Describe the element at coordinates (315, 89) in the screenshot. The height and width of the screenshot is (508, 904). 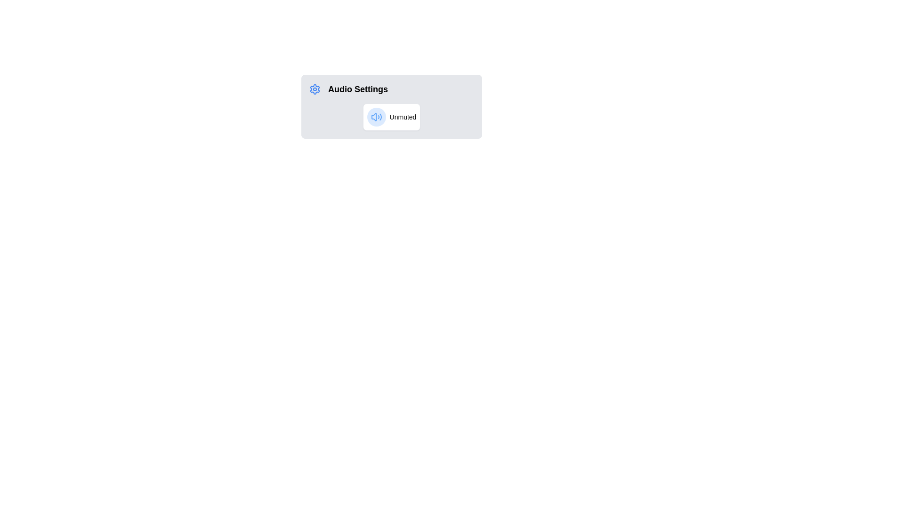
I see `the settings icon located to the left of the 'Audio Settings' label` at that location.